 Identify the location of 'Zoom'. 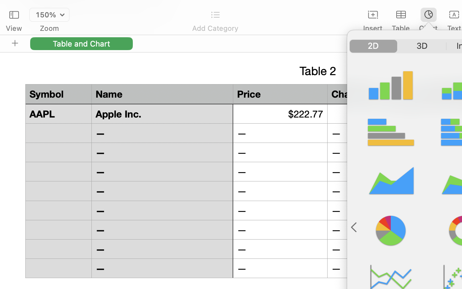
(49, 28).